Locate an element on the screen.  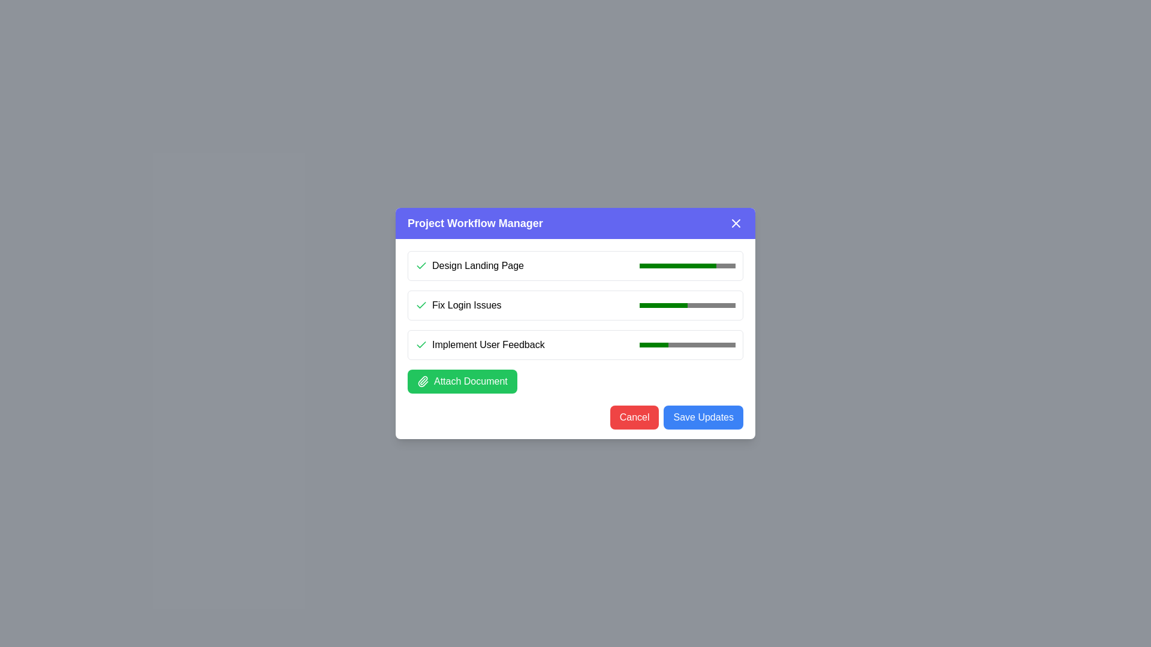
the status of the Task indicator element labeled 'Implement User Feedback', which is visually represented with a green checkmark icon, indicating its completion status is located at coordinates (480, 344).